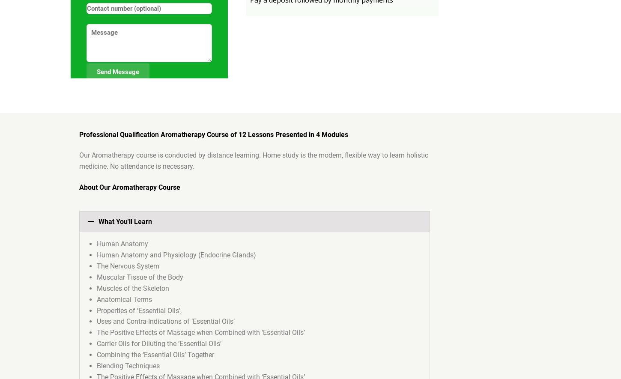 This screenshot has width=621, height=379. I want to click on 'Muscular Tissue of the Body', so click(96, 277).